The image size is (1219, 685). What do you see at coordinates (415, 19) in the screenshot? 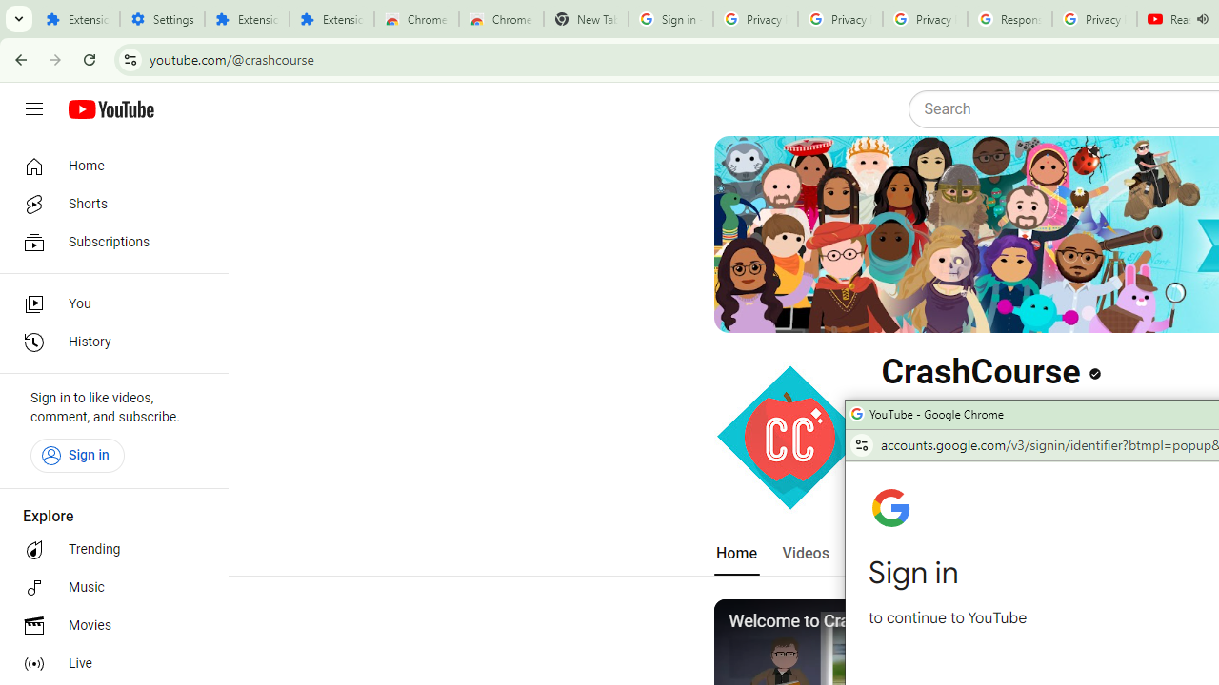
I see `'Chrome Web Store'` at bounding box center [415, 19].